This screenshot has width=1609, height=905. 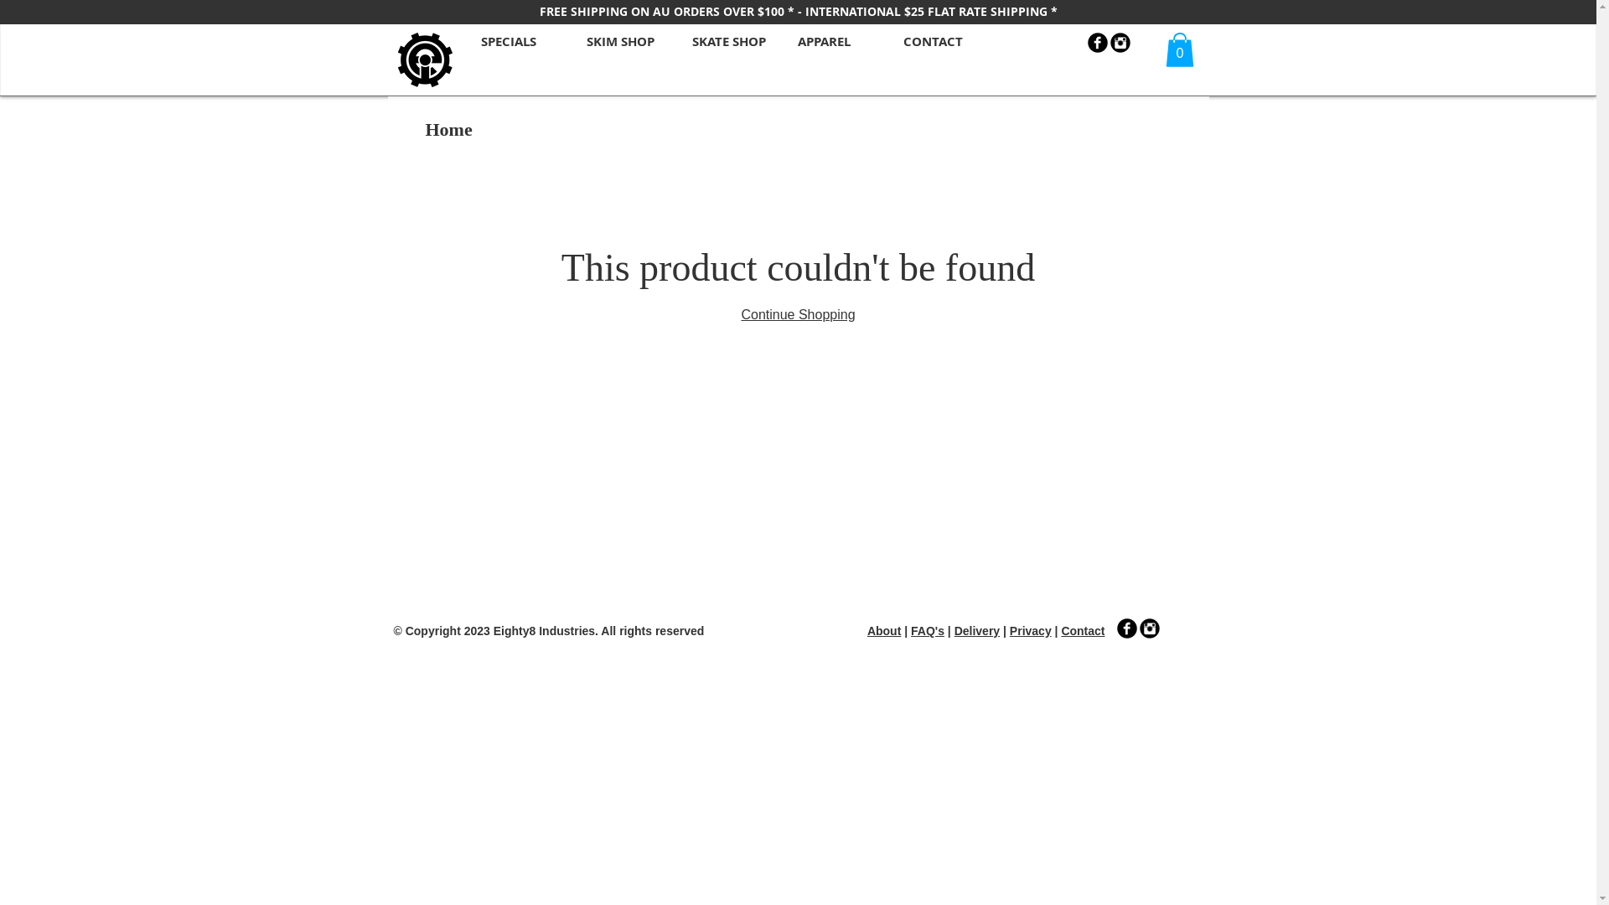 What do you see at coordinates (1164, 49) in the screenshot?
I see `'0'` at bounding box center [1164, 49].